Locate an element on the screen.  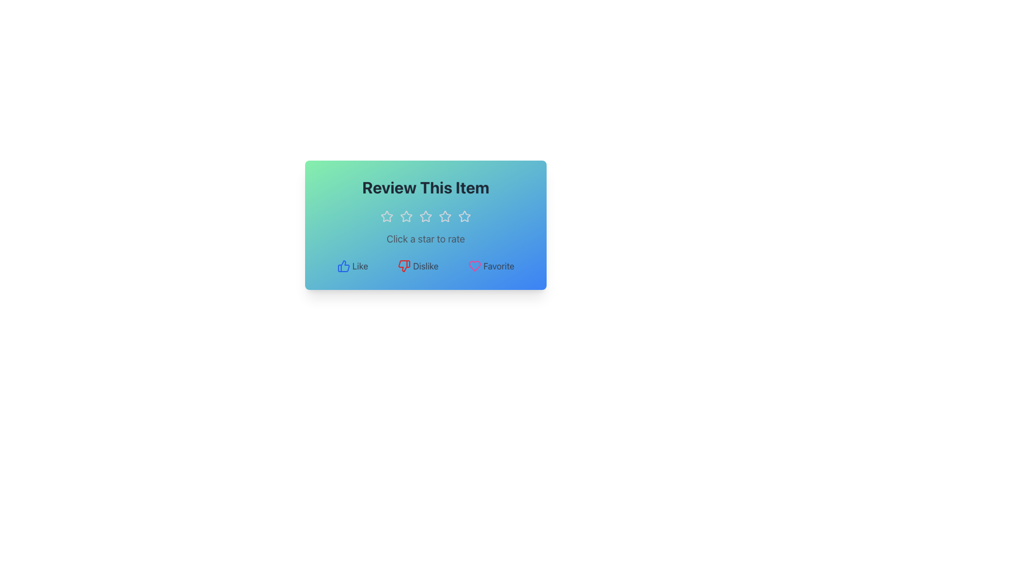
the second star icon in the five-star rating system is located at coordinates (405, 216).